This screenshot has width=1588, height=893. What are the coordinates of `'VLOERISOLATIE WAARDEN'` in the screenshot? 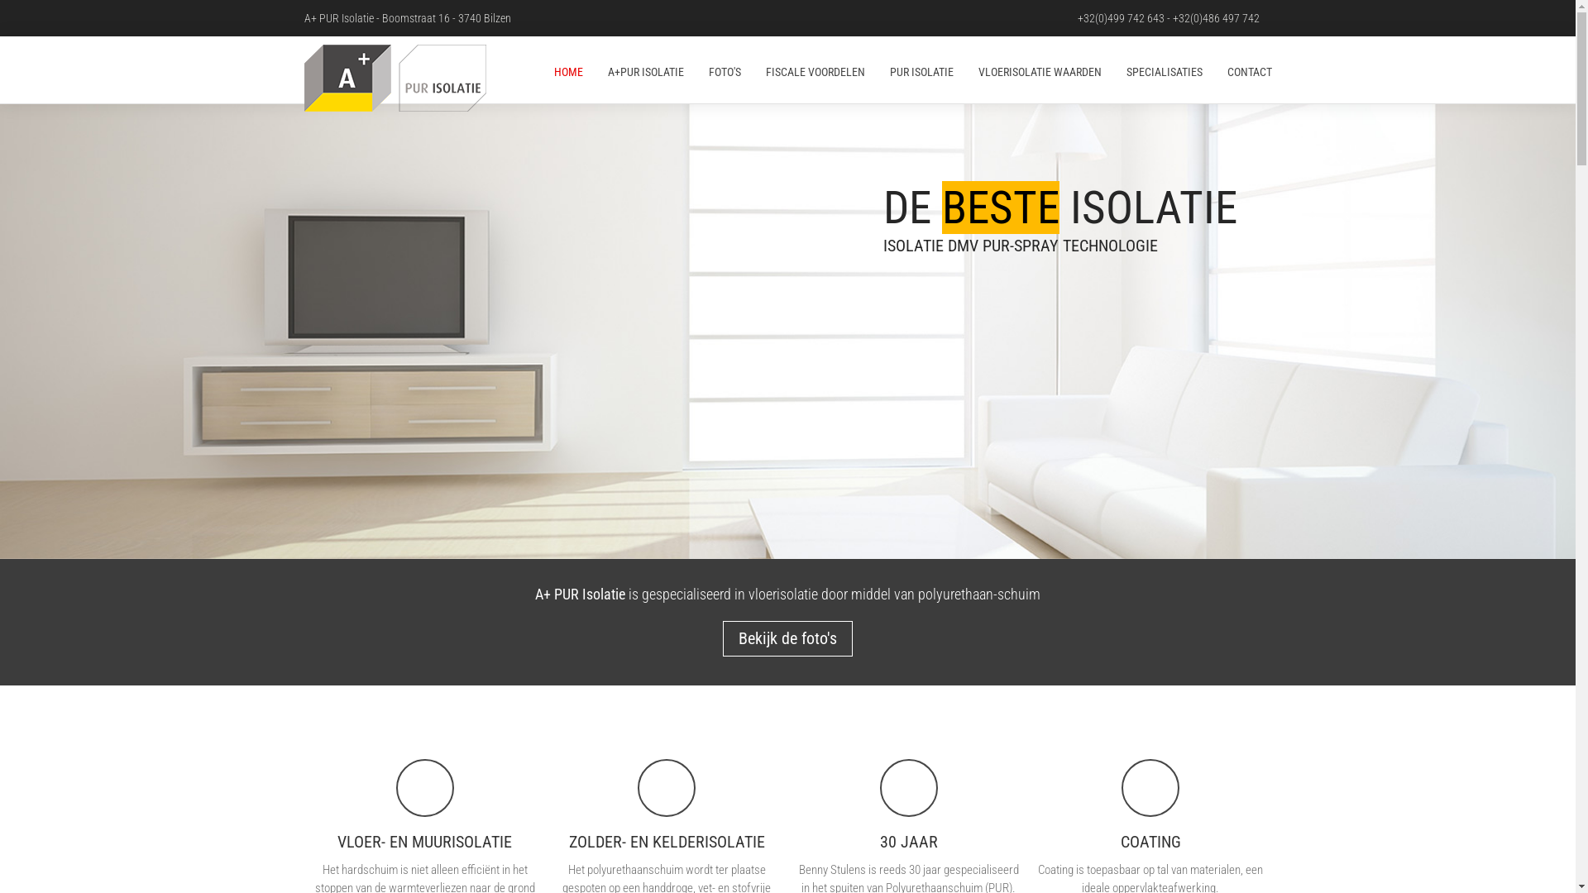 It's located at (965, 69).